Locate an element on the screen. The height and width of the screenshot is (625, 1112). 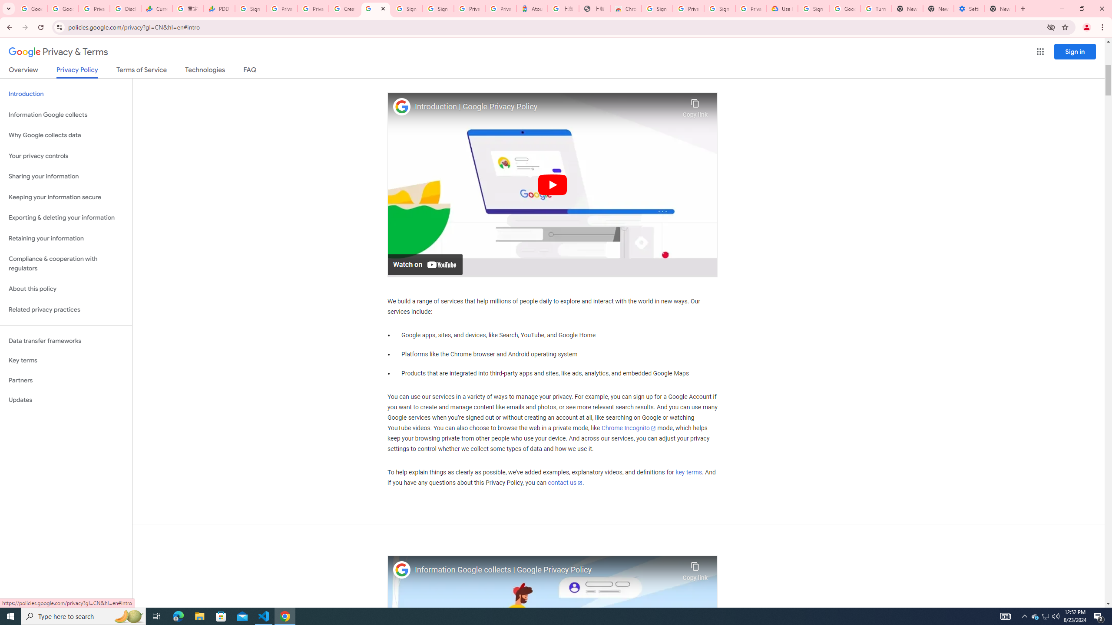
'Information Google collects | Google Privacy Policy' is located at coordinates (546, 570).